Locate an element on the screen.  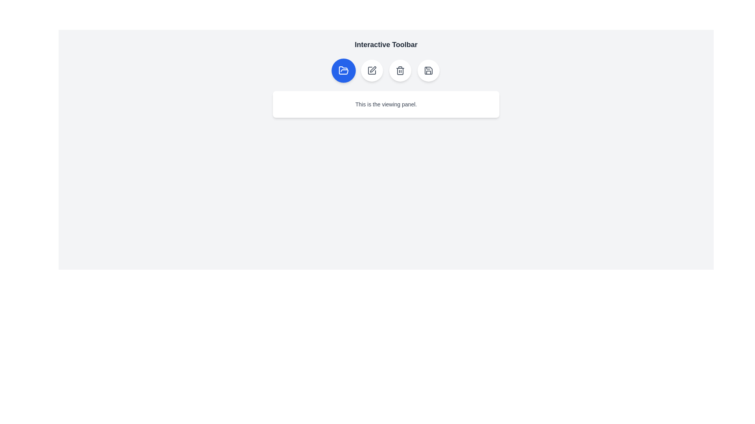
the folder icon located at the top-center of the application view, which serves as a button for file or folder management is located at coordinates (343, 70).